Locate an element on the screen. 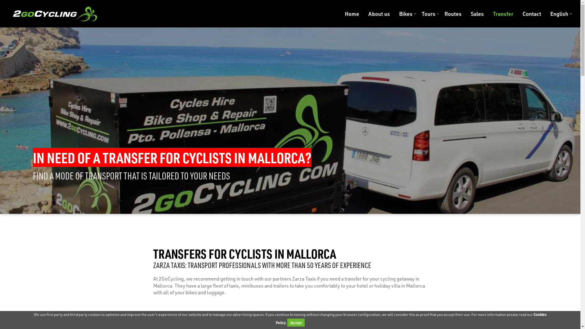  'Routes' is located at coordinates (453, 14).